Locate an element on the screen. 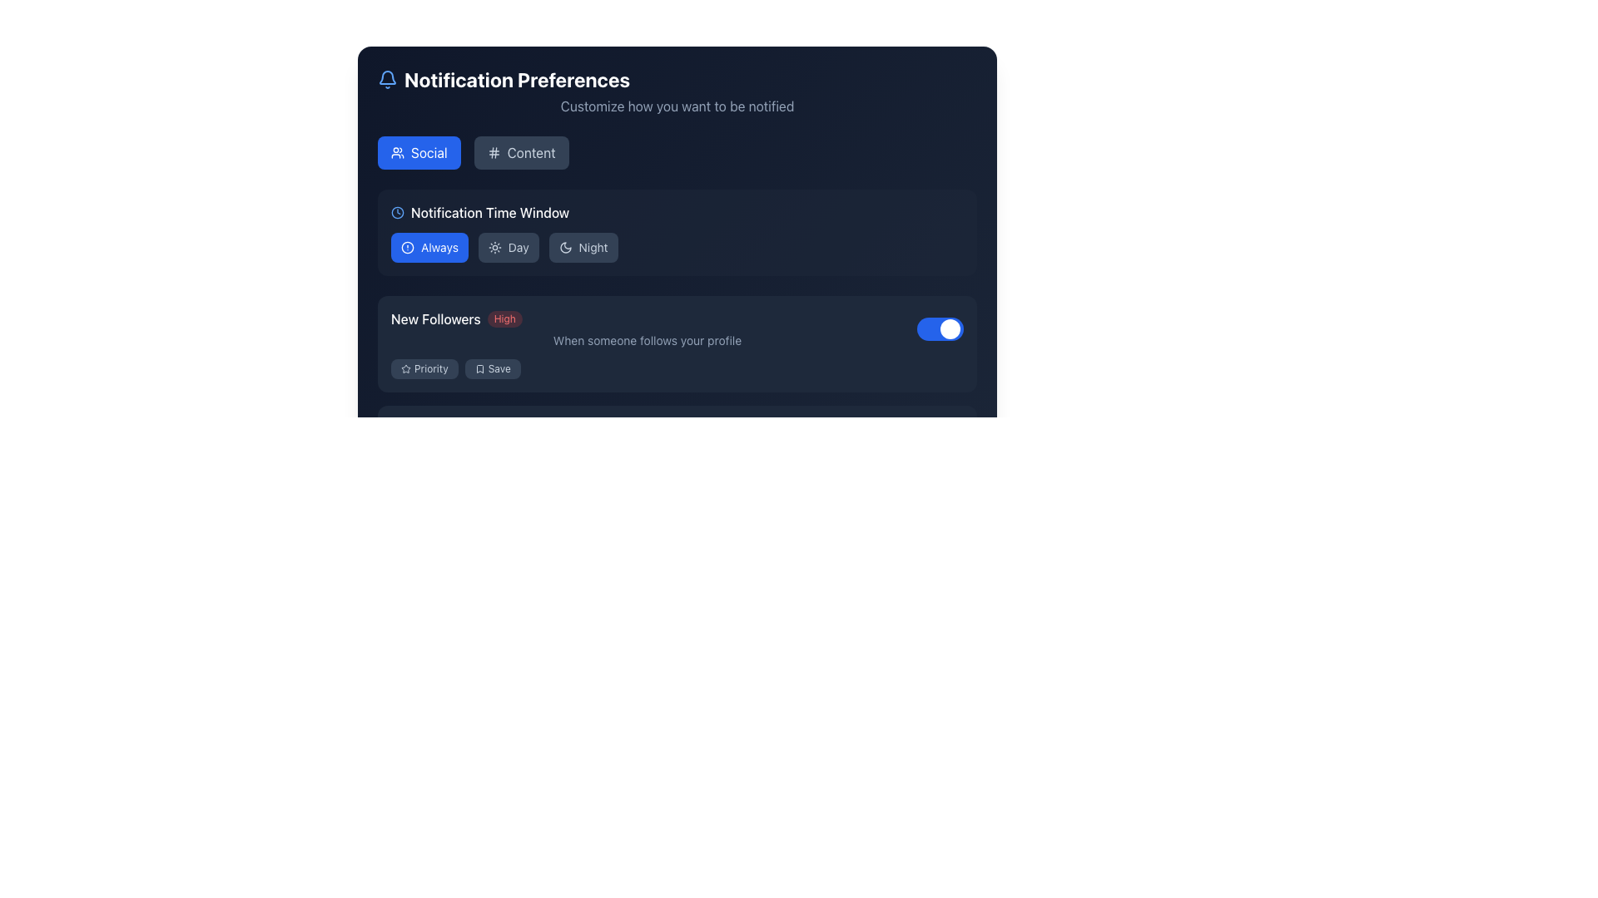  the 'Priority' button with a dark slate blue background and a star icon is located at coordinates (424, 368).